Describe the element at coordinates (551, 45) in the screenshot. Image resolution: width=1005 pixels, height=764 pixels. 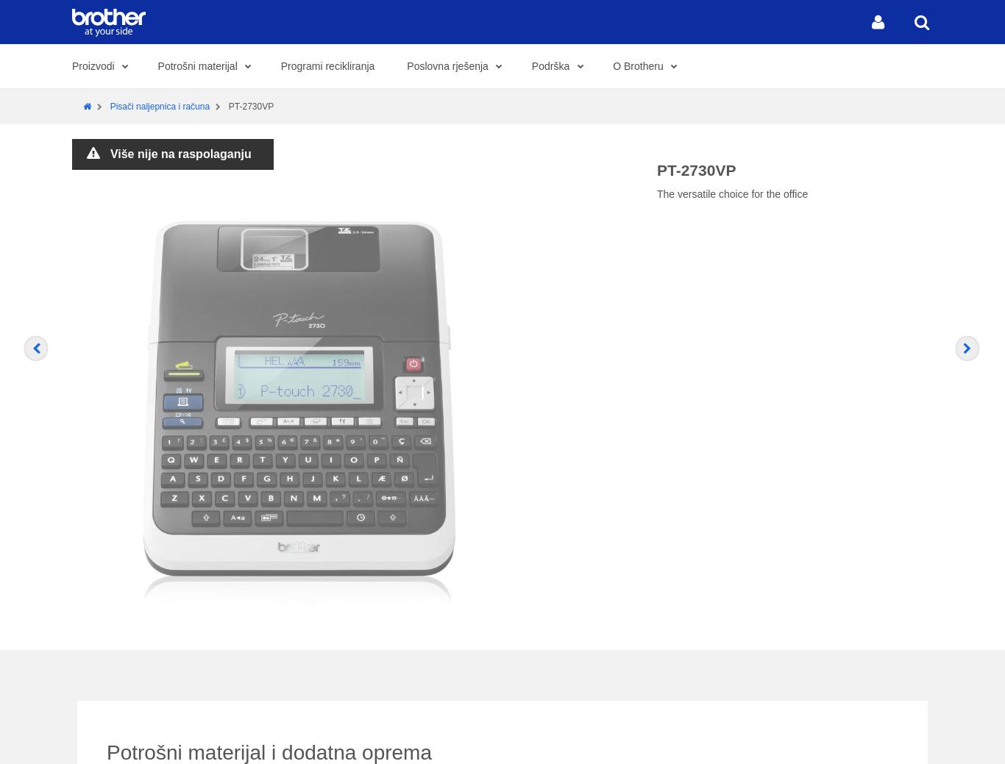
I see `'Ver 2.0 Full Speed'` at that location.